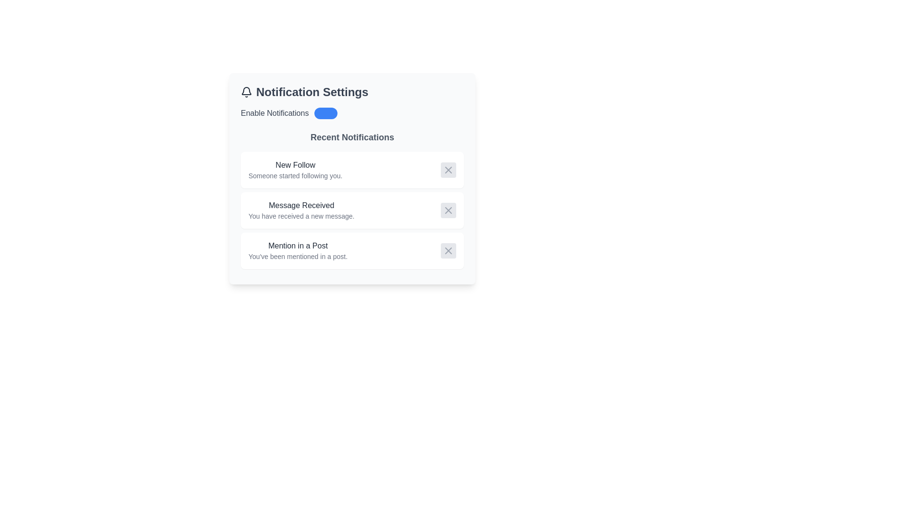 Image resolution: width=923 pixels, height=519 pixels. What do you see at coordinates (297, 250) in the screenshot?
I see `the third notification in the 'Recent Notifications' list, which informs the user about being mentioned in a post` at bounding box center [297, 250].